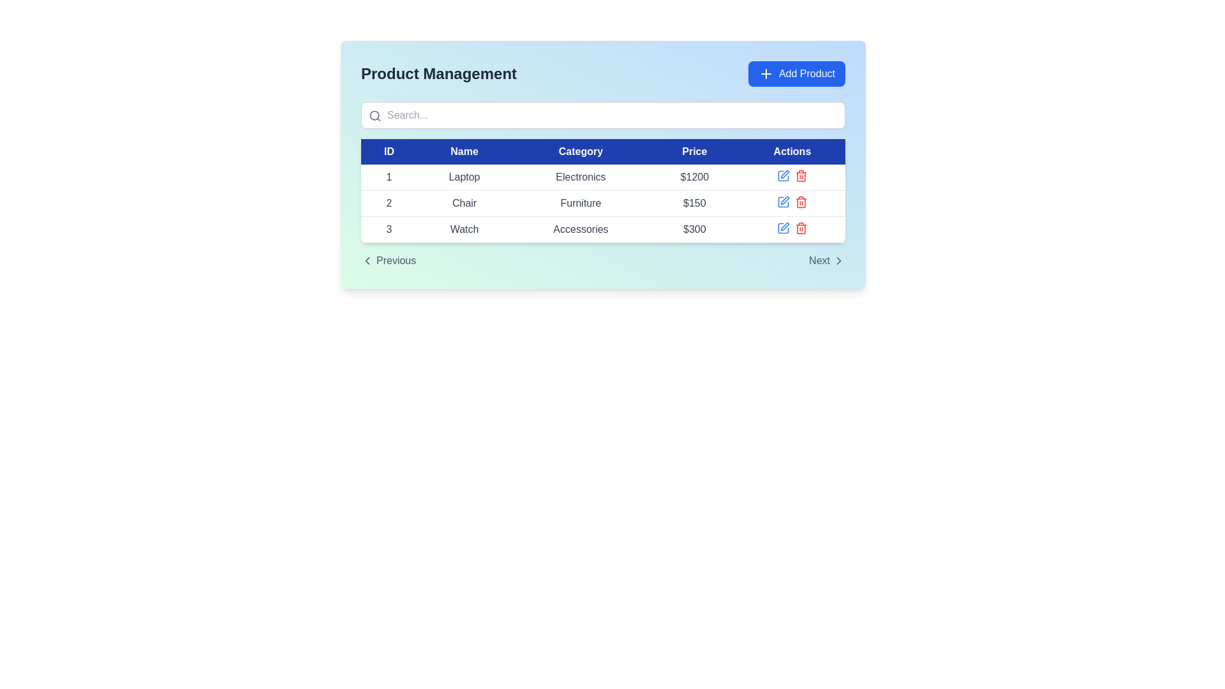 Image resolution: width=1225 pixels, height=689 pixels. What do you see at coordinates (694, 203) in the screenshot?
I see `the Text Display element showing the value '$150' in the 'Price' column of the second row corresponding to the item 'Chair' in the 'Furniture' category` at bounding box center [694, 203].